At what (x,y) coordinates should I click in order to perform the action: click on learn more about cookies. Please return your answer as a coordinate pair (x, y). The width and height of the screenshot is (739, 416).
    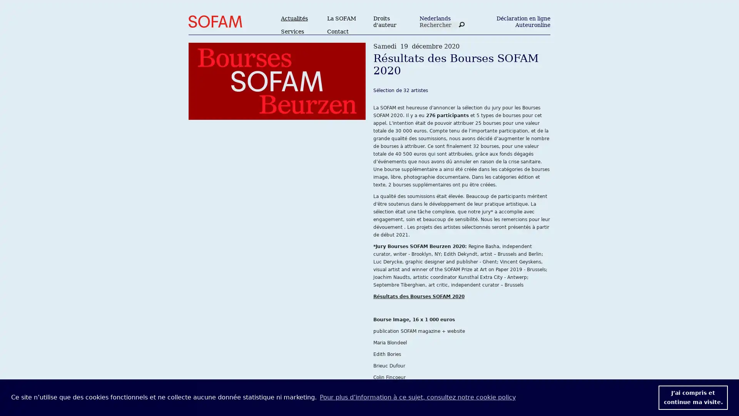
    Looking at the image, I should click on (417, 398).